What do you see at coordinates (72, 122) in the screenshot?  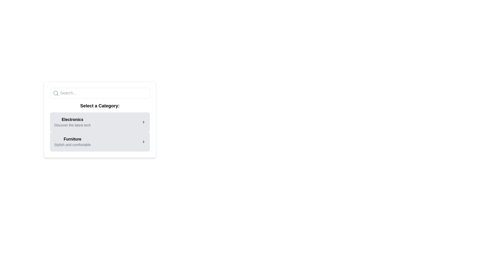 I see `text of the label representing the electronics category, which is the first item in the selectable card layout` at bounding box center [72, 122].